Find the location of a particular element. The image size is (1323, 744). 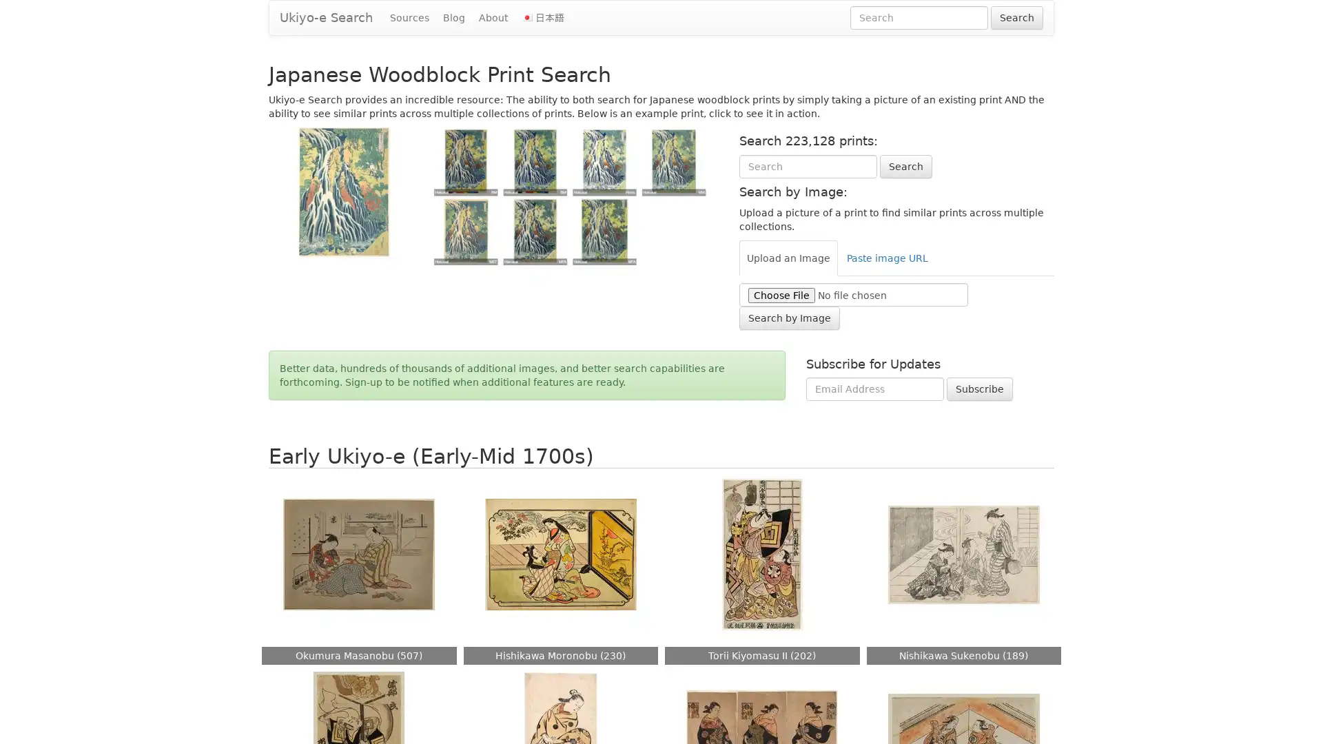

Search by Image is located at coordinates (789, 318).